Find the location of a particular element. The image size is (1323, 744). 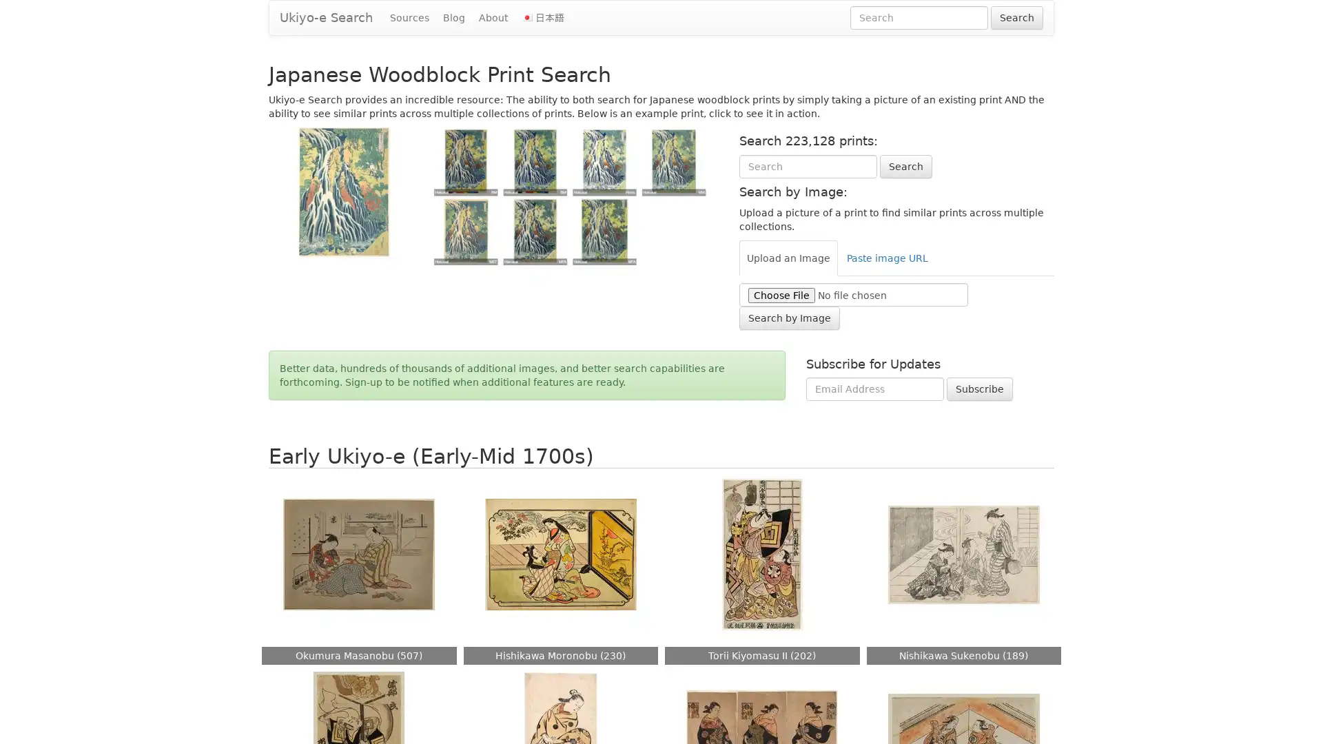

Search by Image is located at coordinates (789, 318).